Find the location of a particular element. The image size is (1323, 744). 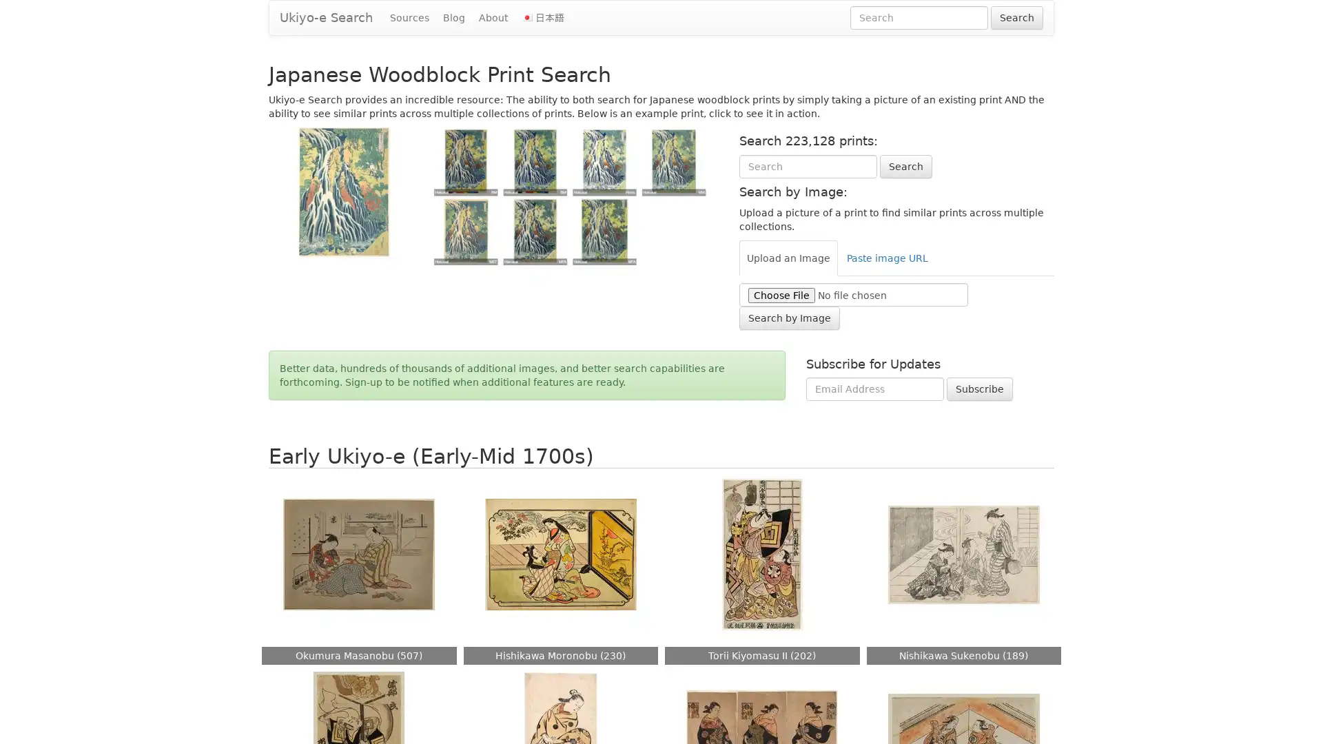

Search by Image is located at coordinates (789, 318).